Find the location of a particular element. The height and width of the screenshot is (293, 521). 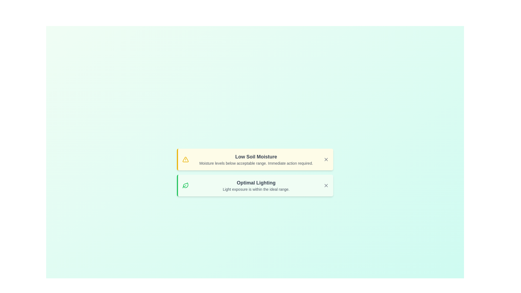

'X' button to dismiss the alert is located at coordinates (326, 159).